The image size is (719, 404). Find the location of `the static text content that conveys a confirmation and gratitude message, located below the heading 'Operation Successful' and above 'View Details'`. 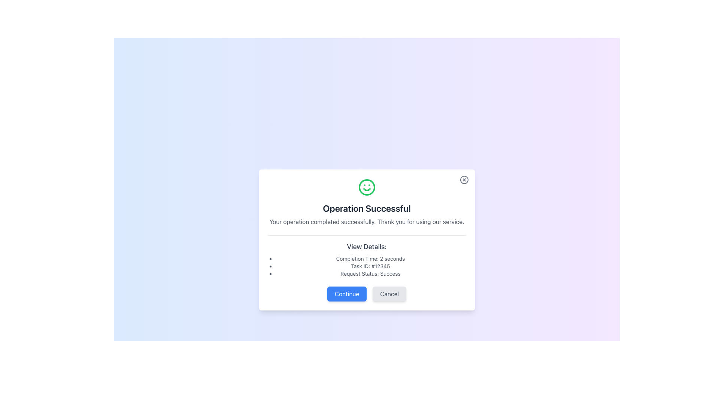

the static text content that conveys a confirmation and gratitude message, located below the heading 'Operation Successful' and above 'View Details' is located at coordinates (367, 221).